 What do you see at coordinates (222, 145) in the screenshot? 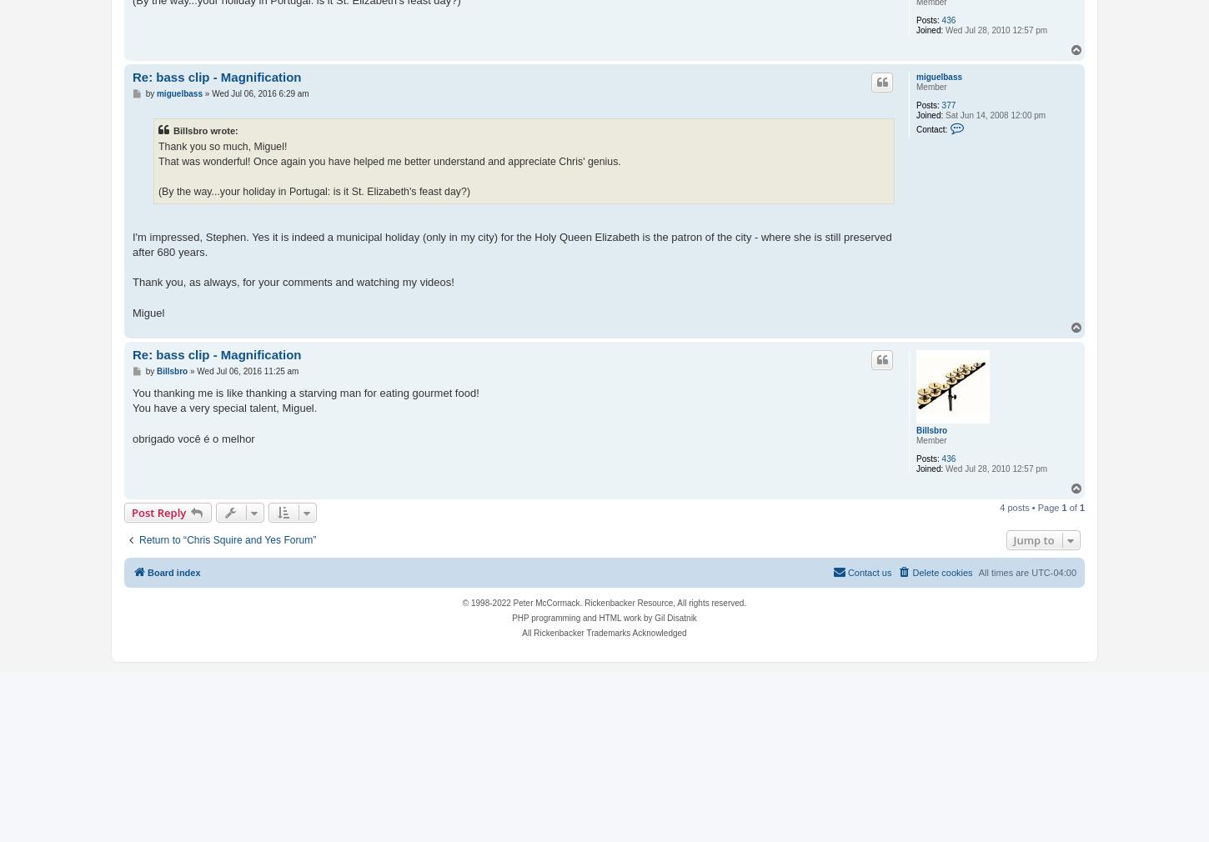
I see `'Thank you so much, Miguel!'` at bounding box center [222, 145].